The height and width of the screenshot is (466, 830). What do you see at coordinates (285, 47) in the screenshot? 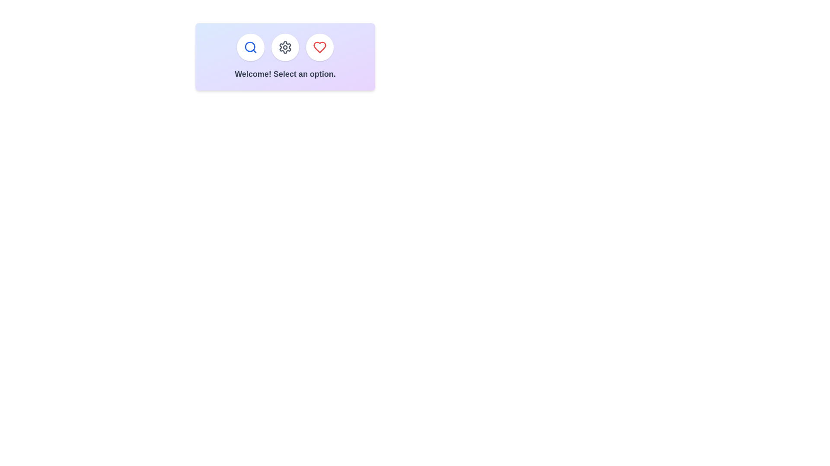
I see `the gear icon in the interface, which is part of a horizontal set of three icons situated above a text description` at bounding box center [285, 47].